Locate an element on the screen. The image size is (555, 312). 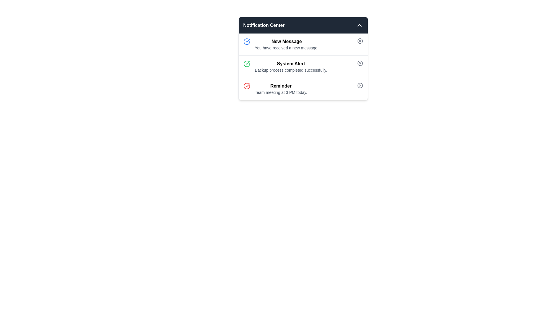
the 'Notification Center' label, which is a bold white text label located in the header area of the notification panel, aligned to the left is located at coordinates (264, 25).